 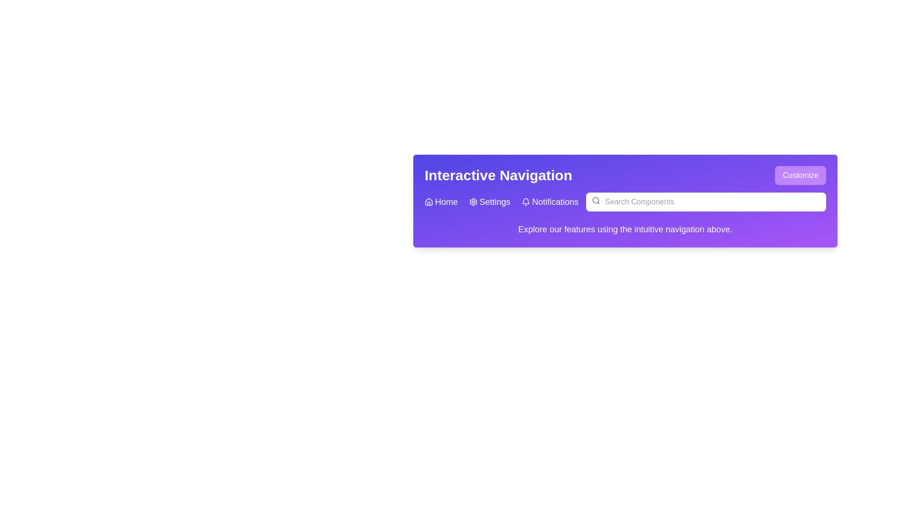 What do you see at coordinates (490, 202) in the screenshot?
I see `the 'Settings' navigation link, which is the second item in the menu` at bounding box center [490, 202].